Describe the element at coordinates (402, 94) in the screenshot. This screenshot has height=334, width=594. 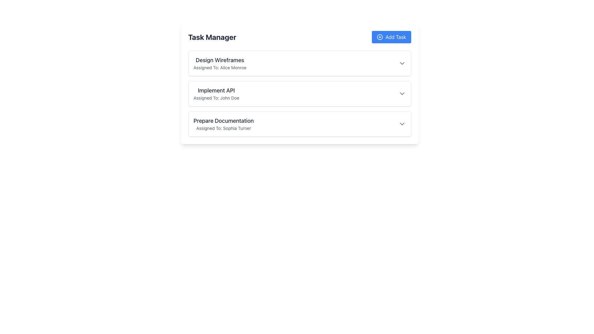
I see `the Chevron Icon, which is used to toggle or expand details related to the 'Implement API' task, positioned to the right of it` at that location.